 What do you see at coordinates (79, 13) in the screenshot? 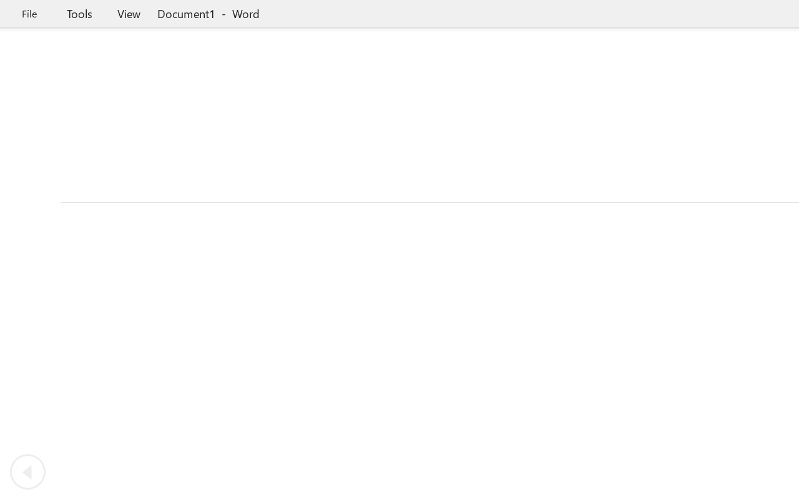
I see `'Tools'` at bounding box center [79, 13].